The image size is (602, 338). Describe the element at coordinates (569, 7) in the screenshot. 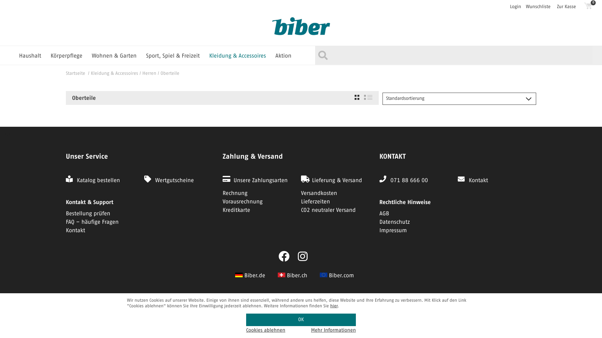

I see `'Zur Kasse'` at that location.